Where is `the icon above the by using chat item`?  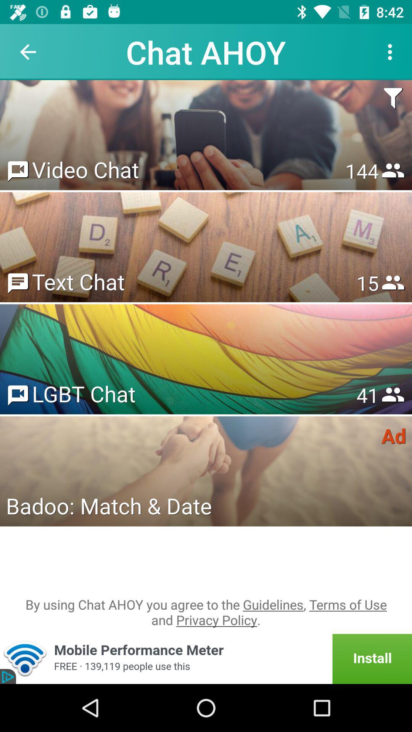 the icon above the by using chat item is located at coordinates (109, 506).